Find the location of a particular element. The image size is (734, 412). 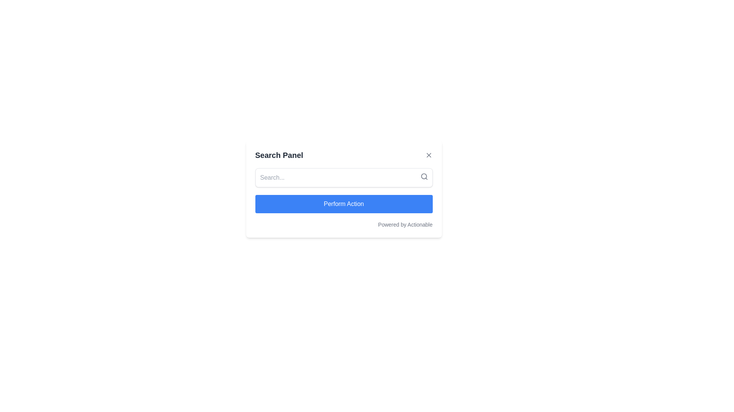

the button in the 'Search Panel' dialog box is located at coordinates (343, 204).